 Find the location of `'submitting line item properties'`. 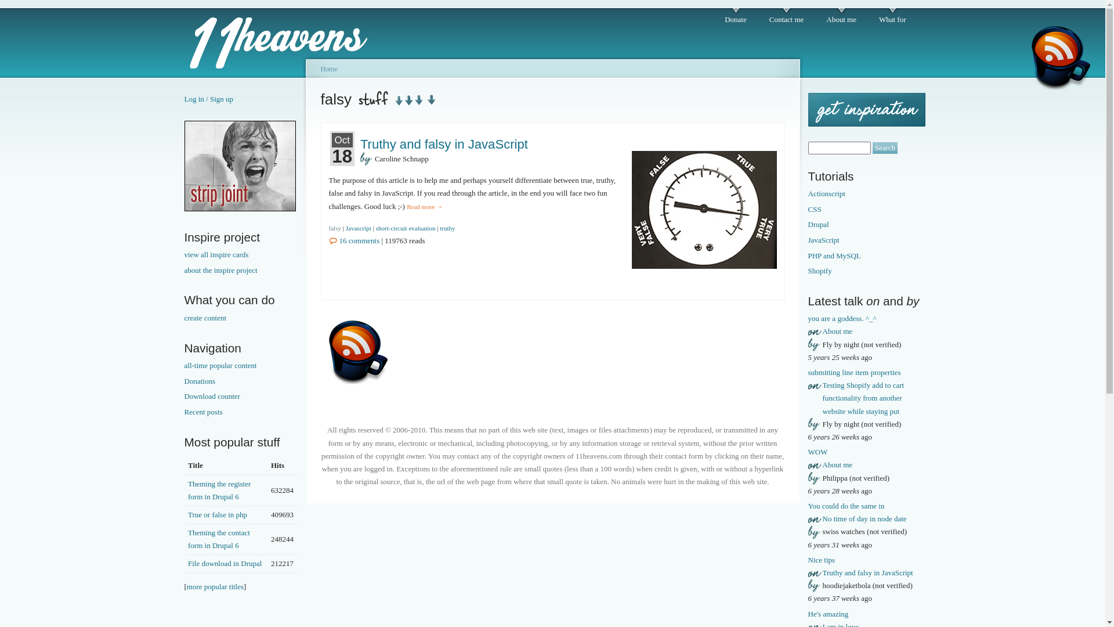

'submitting line item properties' is located at coordinates (854, 372).